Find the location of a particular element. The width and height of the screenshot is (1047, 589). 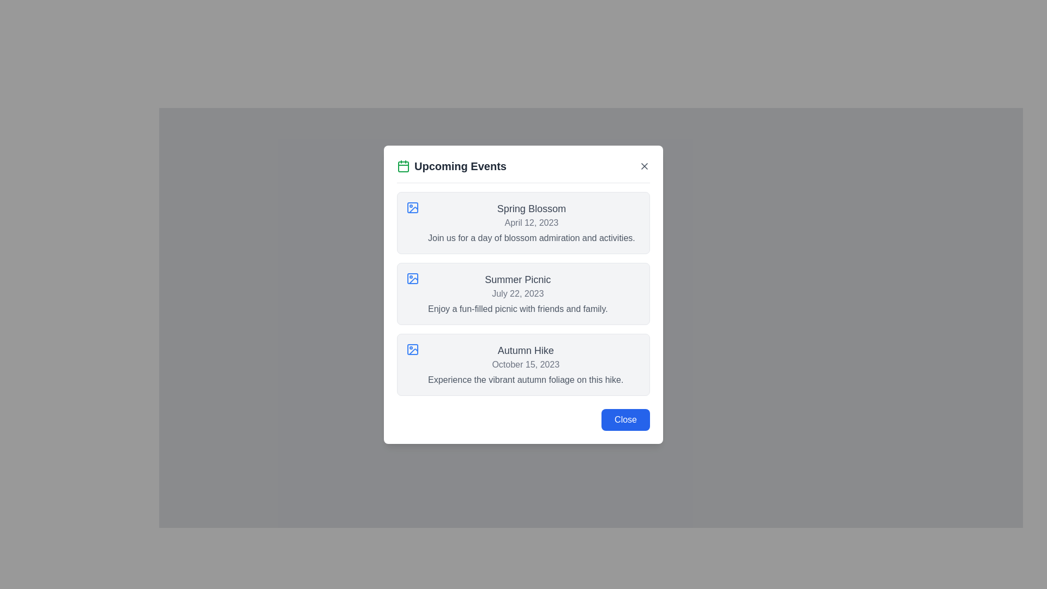

the icon representing the 'Summer Picnic' event located in the 'Upcoming Events' modal, positioned to the left of the title and date is located at coordinates (412, 277).